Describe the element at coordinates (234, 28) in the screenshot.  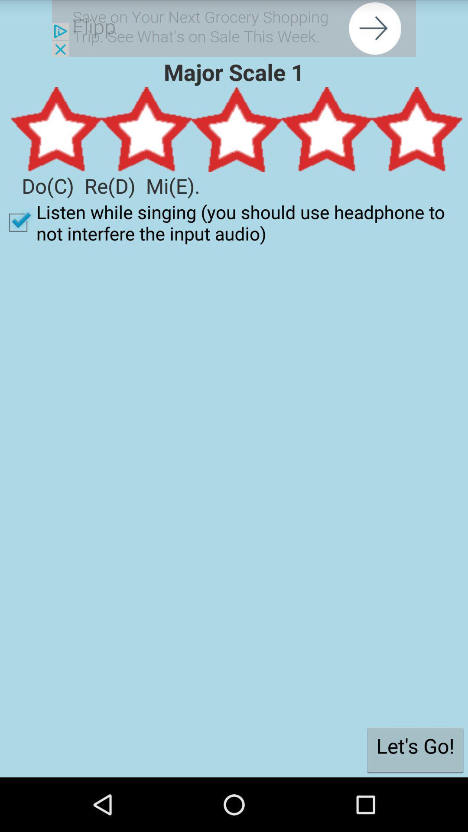
I see `next` at that location.